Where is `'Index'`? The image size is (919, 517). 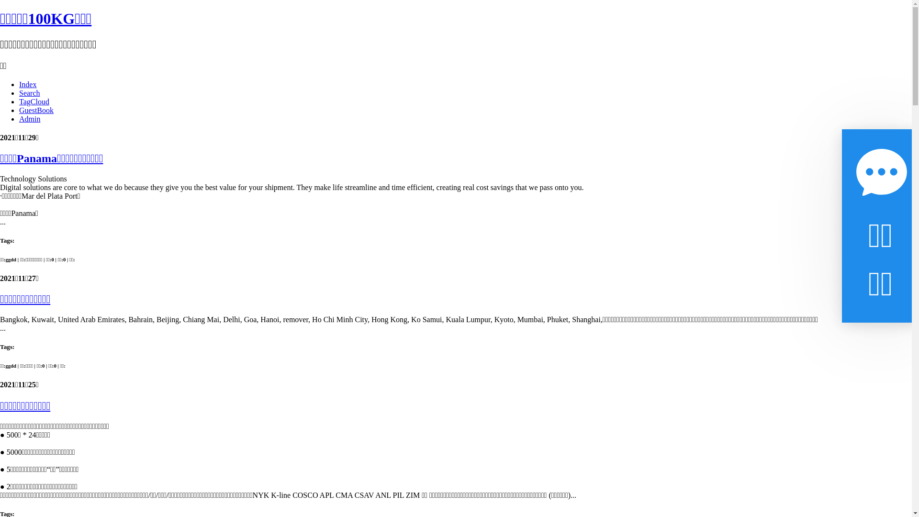
'Index' is located at coordinates (27, 84).